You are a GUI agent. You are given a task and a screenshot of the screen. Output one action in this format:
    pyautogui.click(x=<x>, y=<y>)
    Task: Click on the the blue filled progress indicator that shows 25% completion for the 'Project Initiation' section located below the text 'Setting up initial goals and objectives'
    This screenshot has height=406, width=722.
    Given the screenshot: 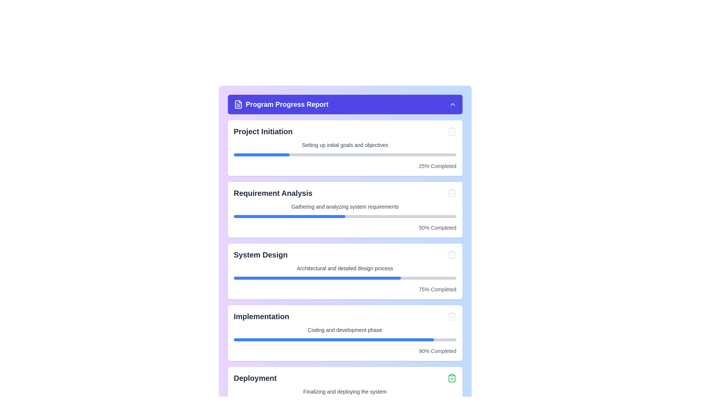 What is the action you would take?
    pyautogui.click(x=261, y=155)
    